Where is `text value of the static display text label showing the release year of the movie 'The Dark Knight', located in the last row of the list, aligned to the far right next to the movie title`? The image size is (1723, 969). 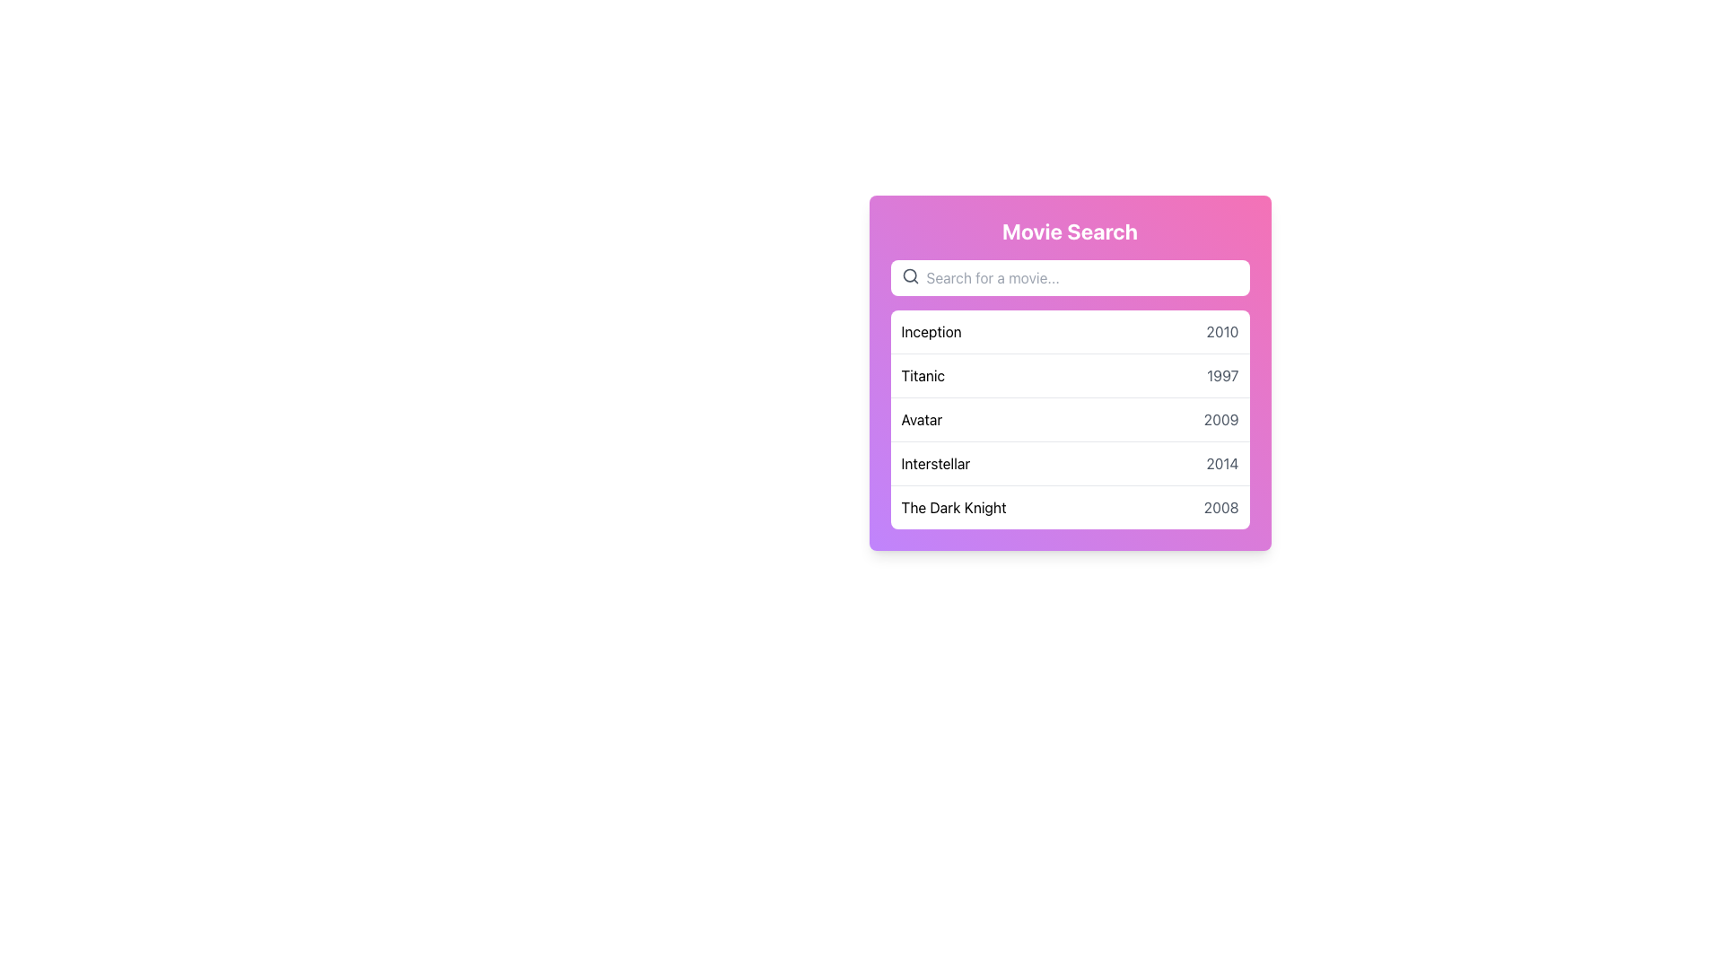 text value of the static display text label showing the release year of the movie 'The Dark Knight', located in the last row of the list, aligned to the far right next to the movie title is located at coordinates (1220, 508).